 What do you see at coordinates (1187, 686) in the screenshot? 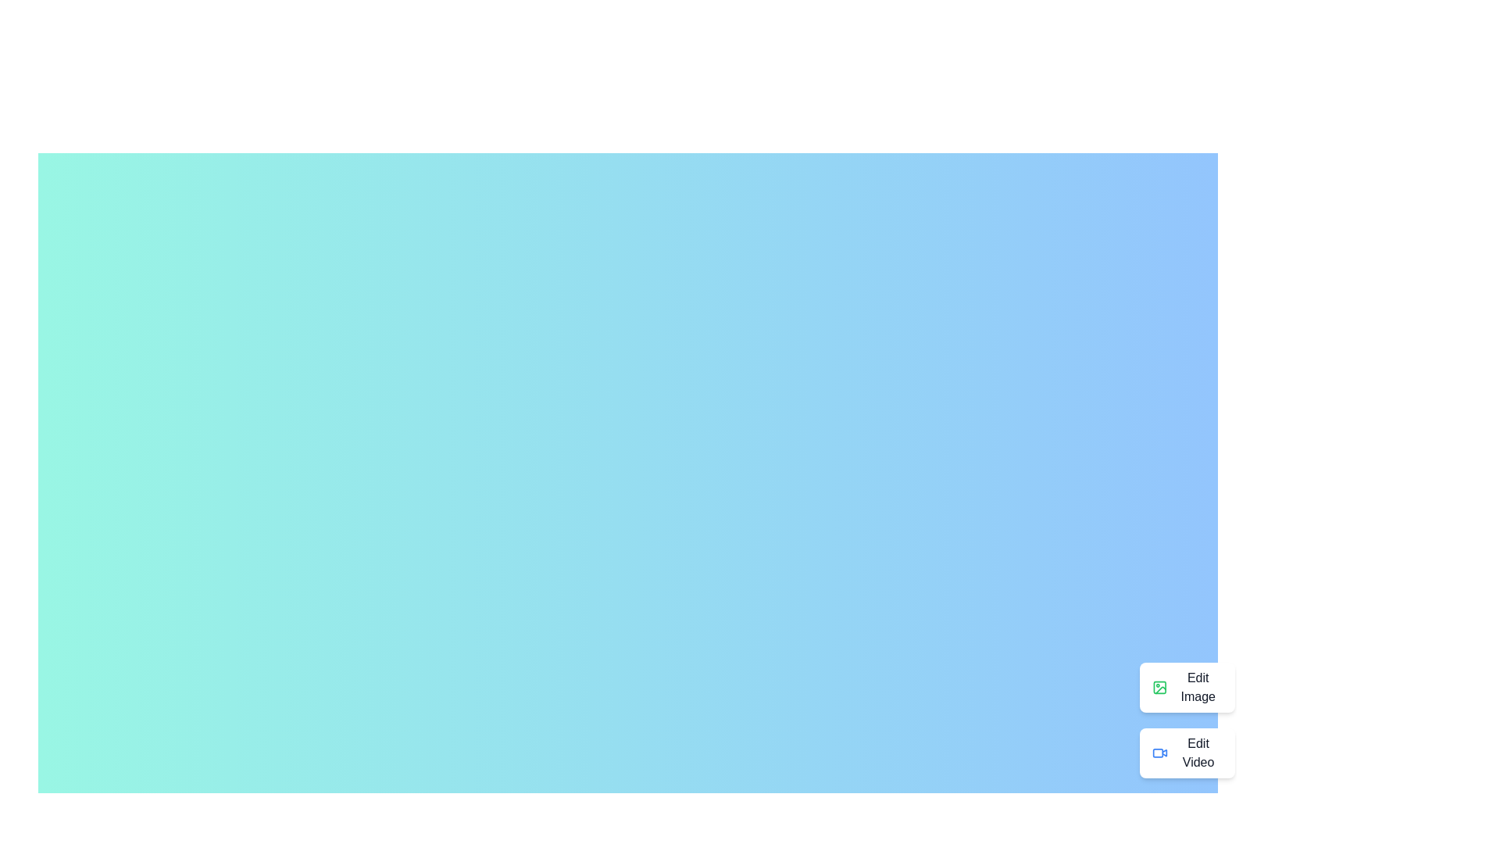
I see `the 'Edit Image' button` at bounding box center [1187, 686].